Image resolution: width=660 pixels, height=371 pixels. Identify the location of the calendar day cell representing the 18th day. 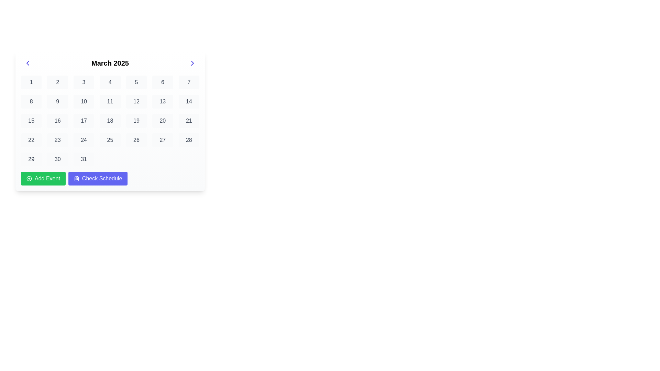
(110, 120).